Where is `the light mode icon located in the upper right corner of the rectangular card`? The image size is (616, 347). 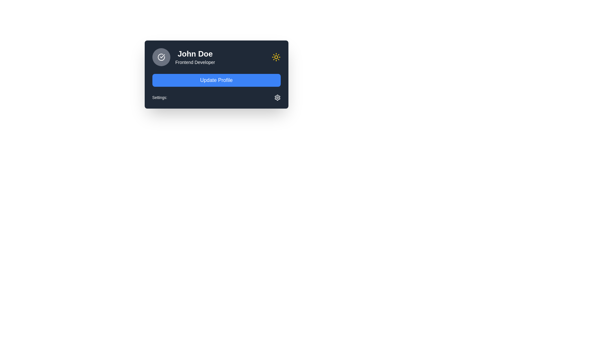
the light mode icon located in the upper right corner of the rectangular card is located at coordinates (276, 57).